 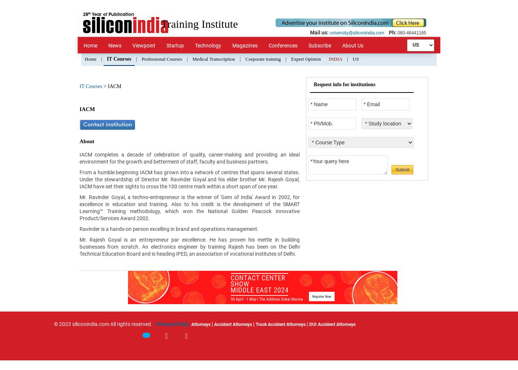 I want to click on 'Expert Opinion', so click(x=306, y=59).